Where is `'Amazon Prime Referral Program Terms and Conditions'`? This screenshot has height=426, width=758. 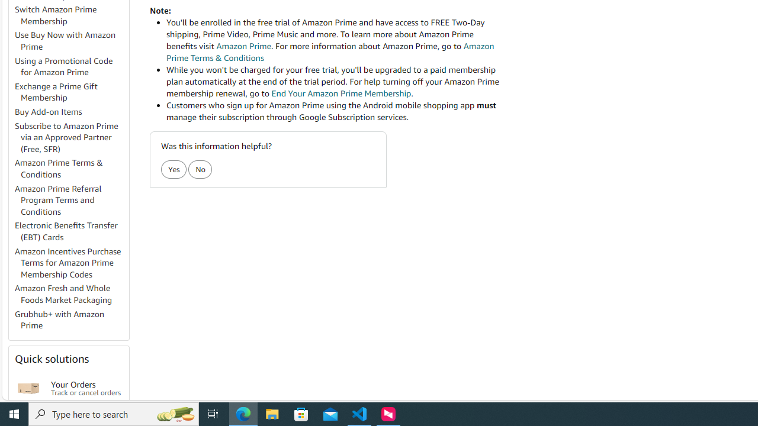
'Amazon Prime Referral Program Terms and Conditions' is located at coordinates (57, 199).